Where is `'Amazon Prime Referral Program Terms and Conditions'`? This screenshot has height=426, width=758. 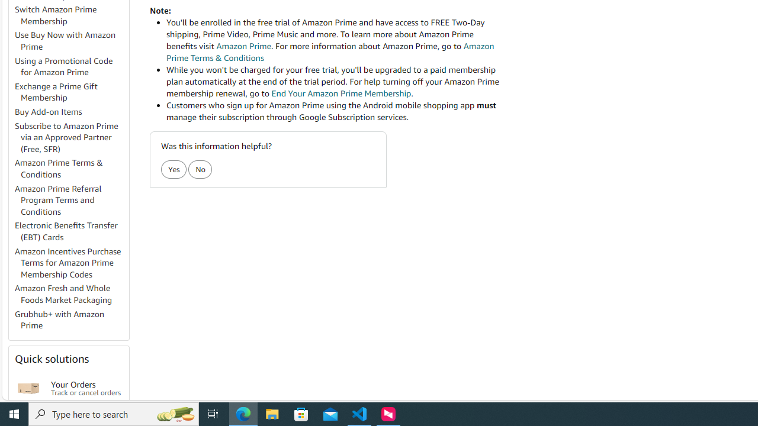
'Amazon Prime Referral Program Terms and Conditions' is located at coordinates (57, 199).